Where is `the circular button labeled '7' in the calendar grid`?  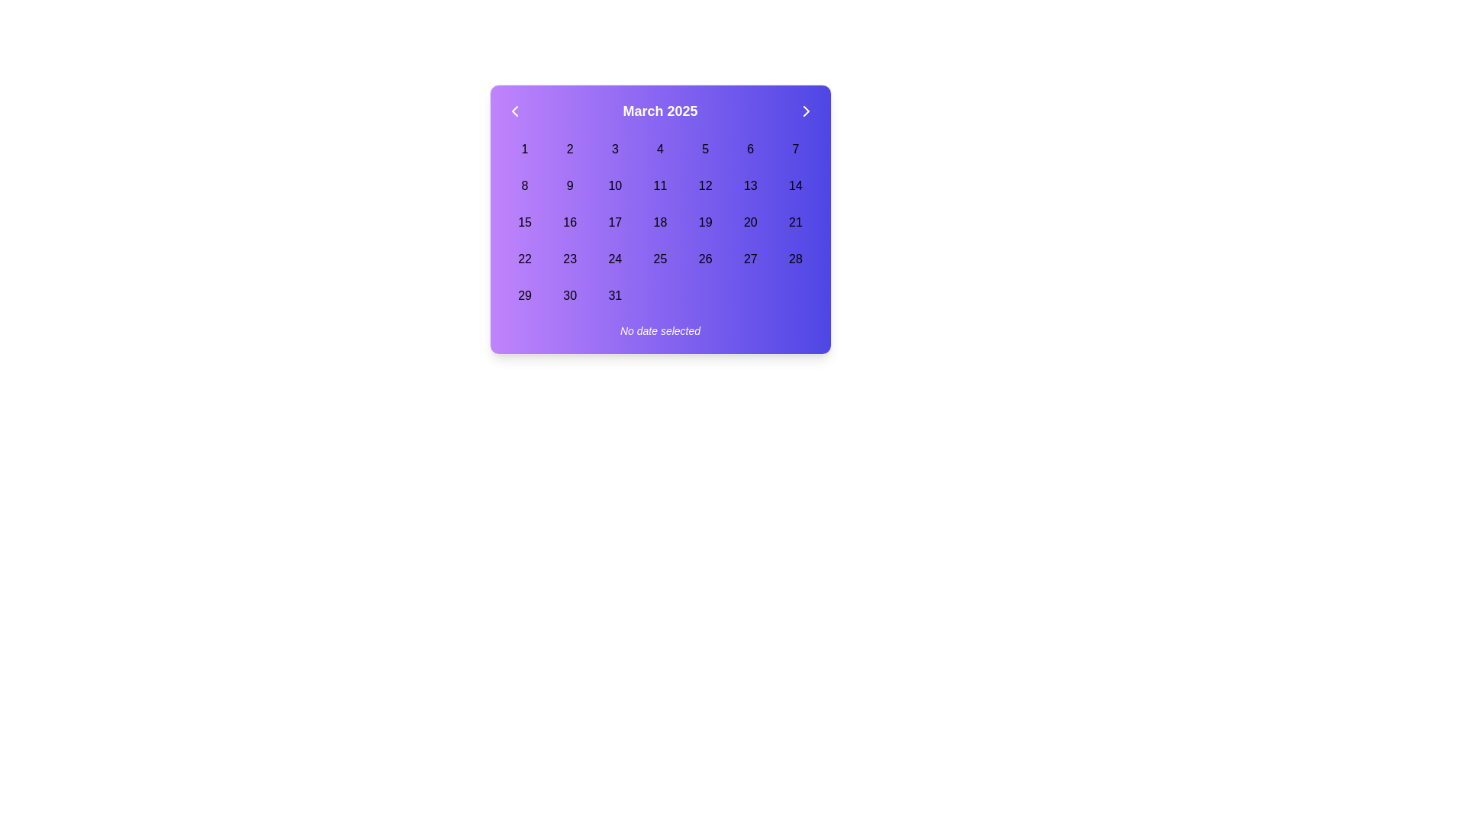
the circular button labeled '7' in the calendar grid is located at coordinates (794, 150).